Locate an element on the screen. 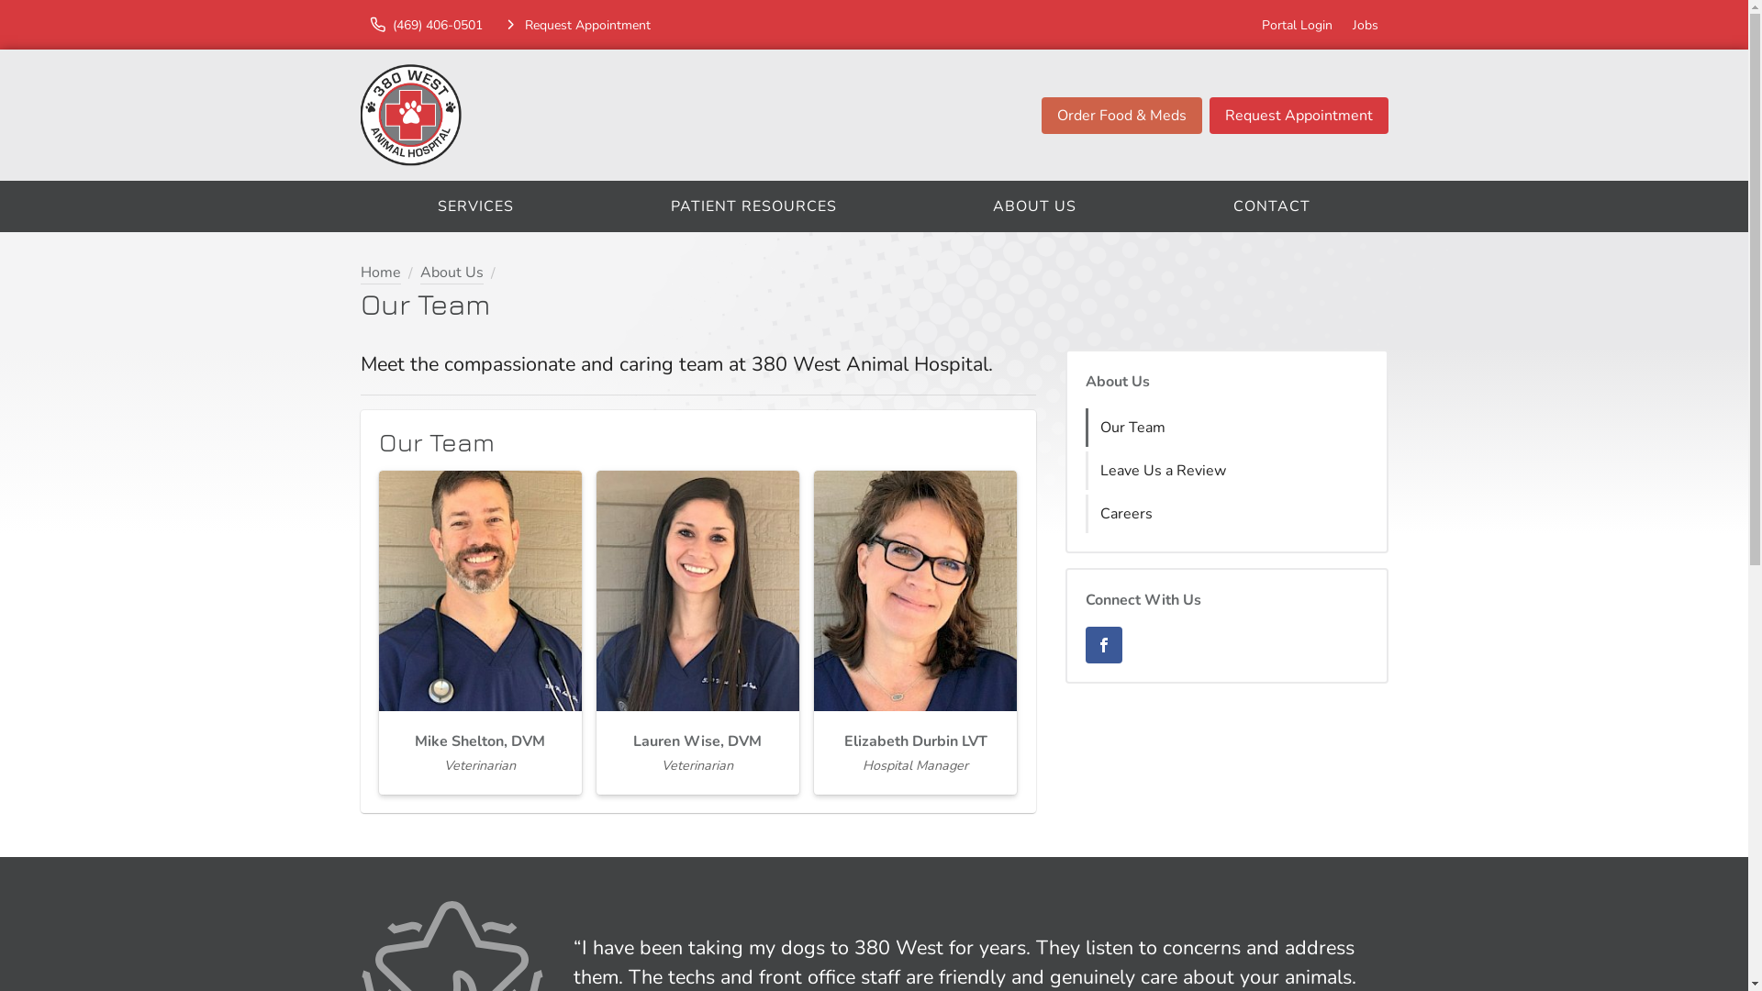 The height and width of the screenshot is (991, 1762). 'Portal Login' is located at coordinates (1250, 25).